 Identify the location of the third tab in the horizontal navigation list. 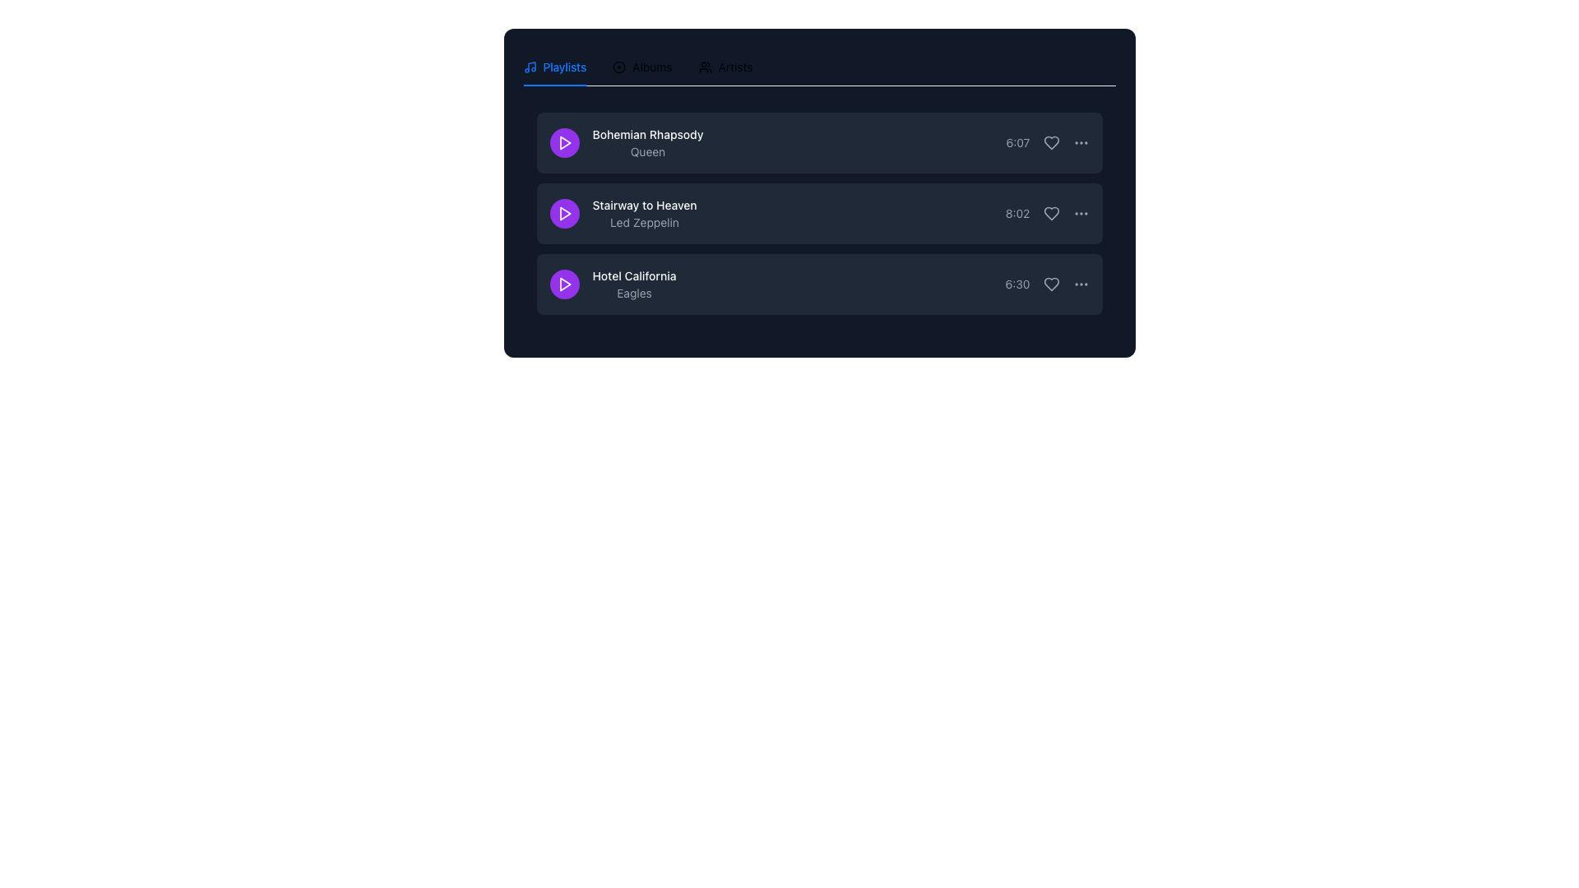
(725, 66).